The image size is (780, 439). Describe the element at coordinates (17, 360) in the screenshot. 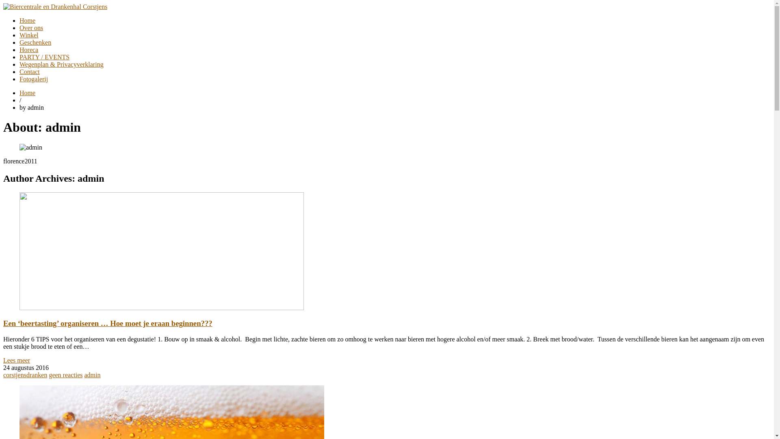

I see `'Lees meer'` at that location.